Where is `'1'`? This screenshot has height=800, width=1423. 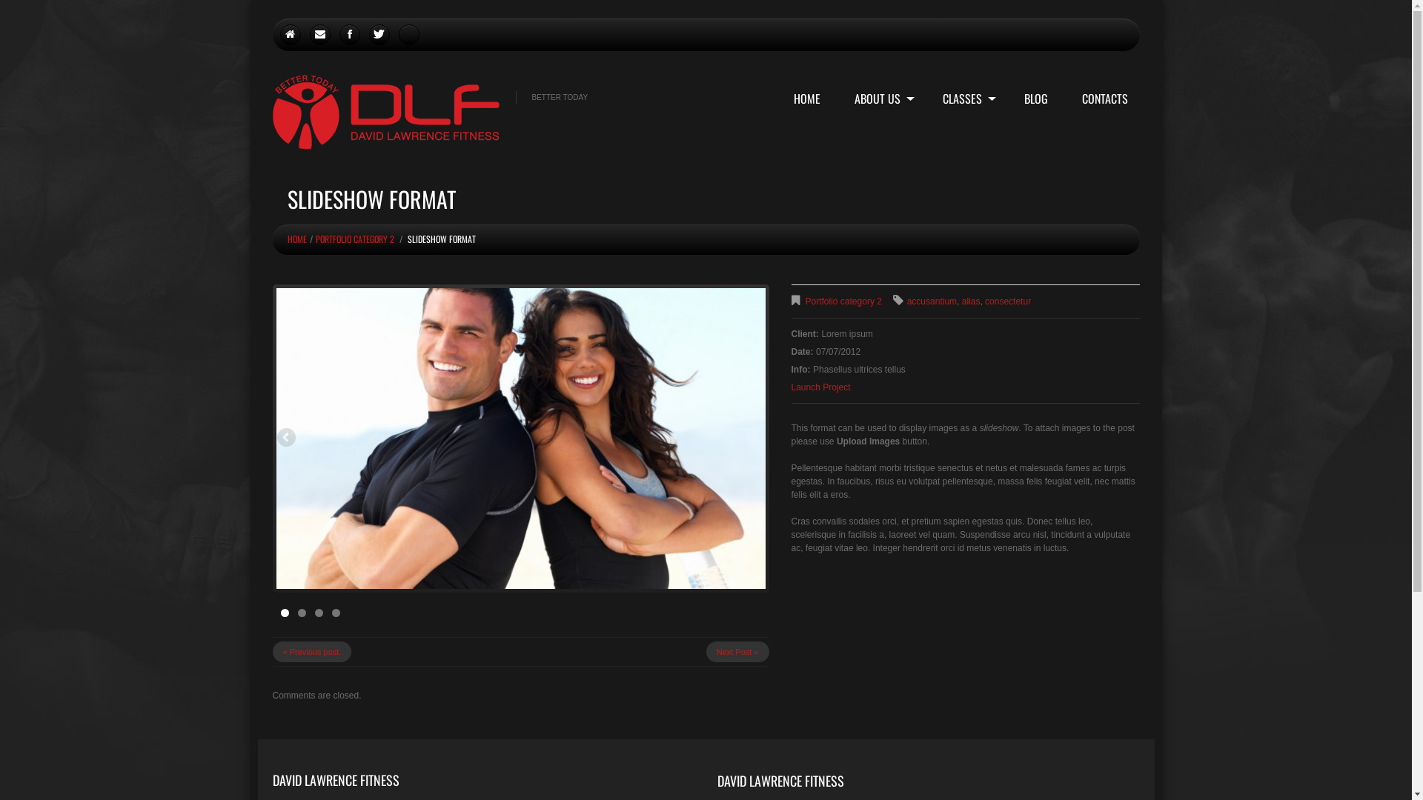 '1' is located at coordinates (284, 613).